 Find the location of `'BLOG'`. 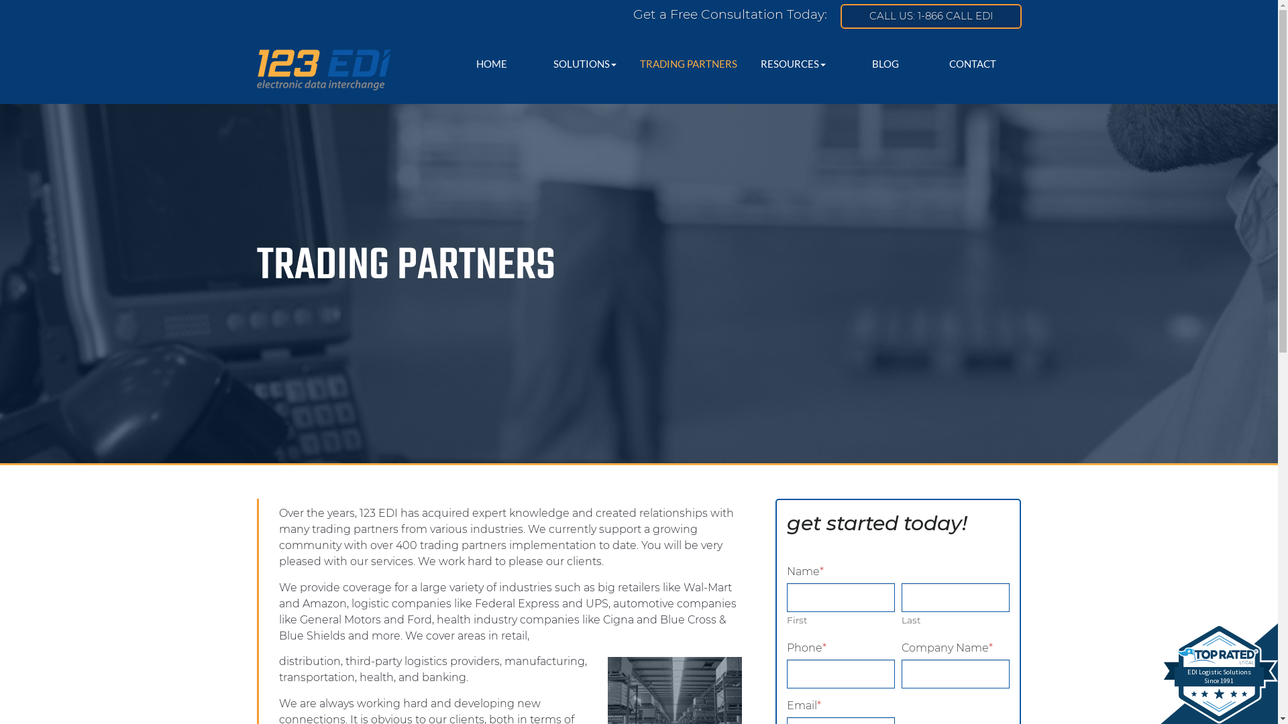

'BLOG' is located at coordinates (885, 64).